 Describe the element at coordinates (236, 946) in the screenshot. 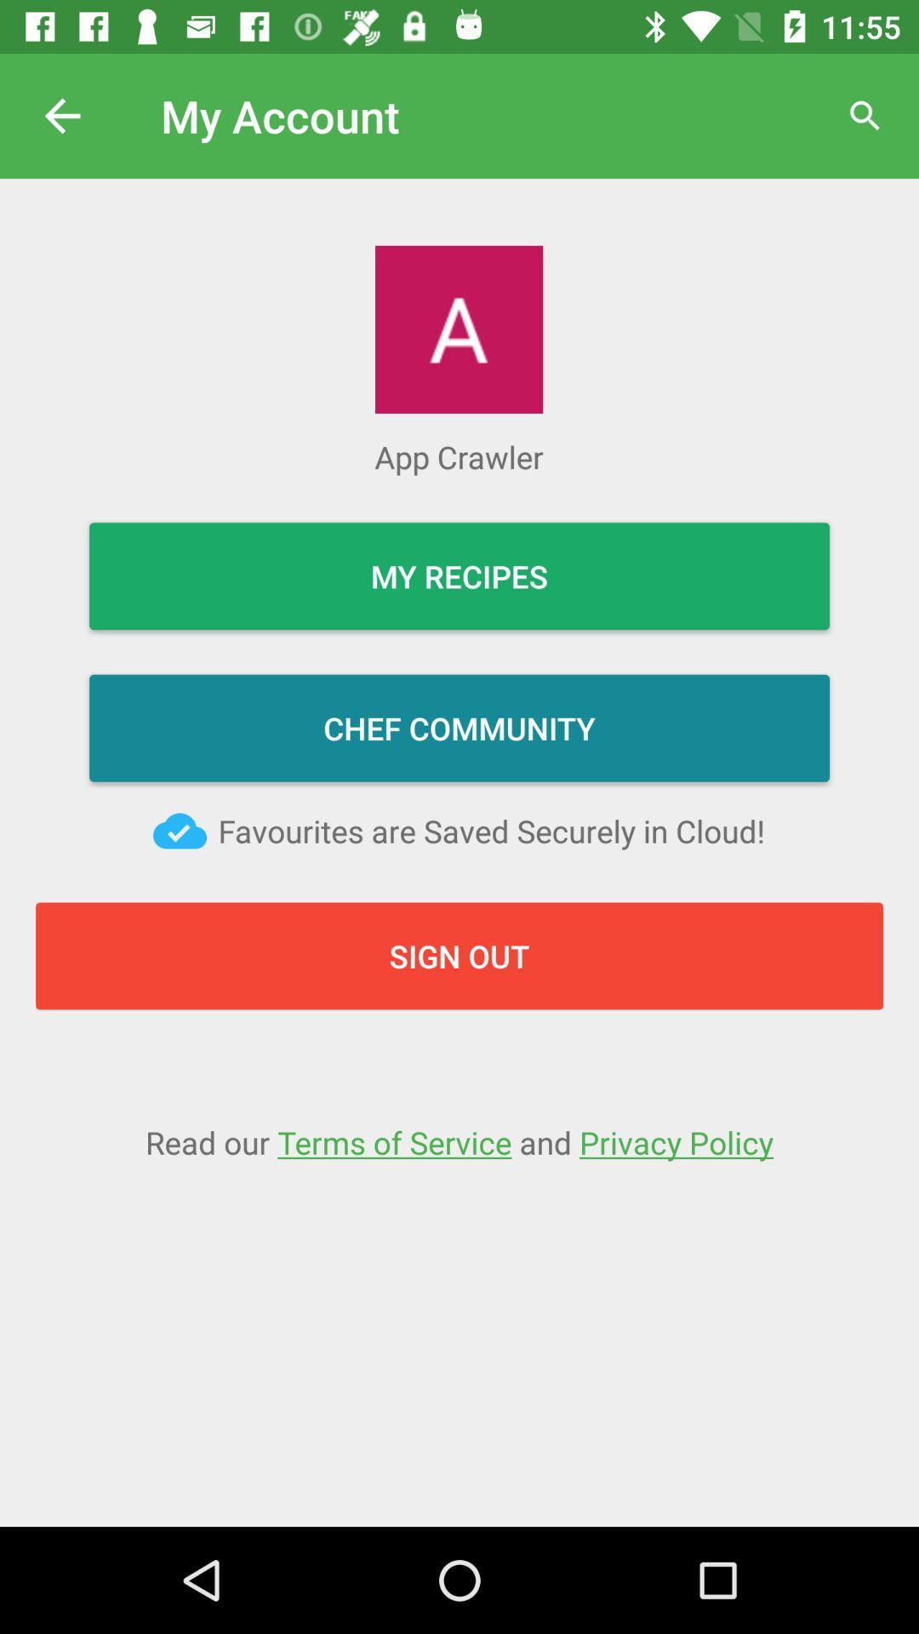

I see `the sign out button on the web page` at that location.